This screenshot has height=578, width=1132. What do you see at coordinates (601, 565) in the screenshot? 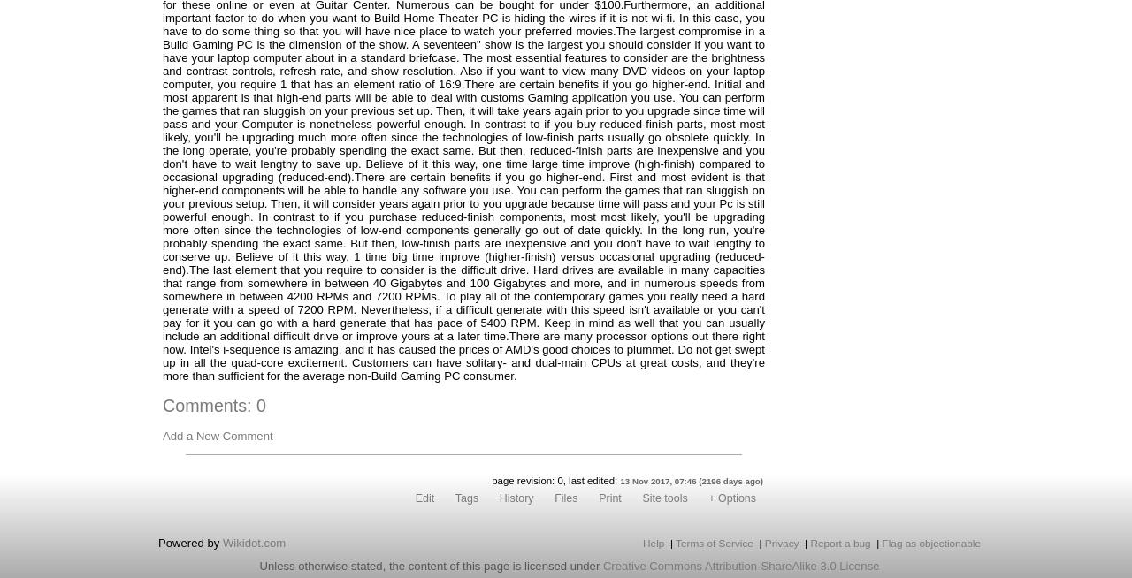
I see `'Creative Commons Attribution-ShareAlike 3.0 License'` at bounding box center [601, 565].